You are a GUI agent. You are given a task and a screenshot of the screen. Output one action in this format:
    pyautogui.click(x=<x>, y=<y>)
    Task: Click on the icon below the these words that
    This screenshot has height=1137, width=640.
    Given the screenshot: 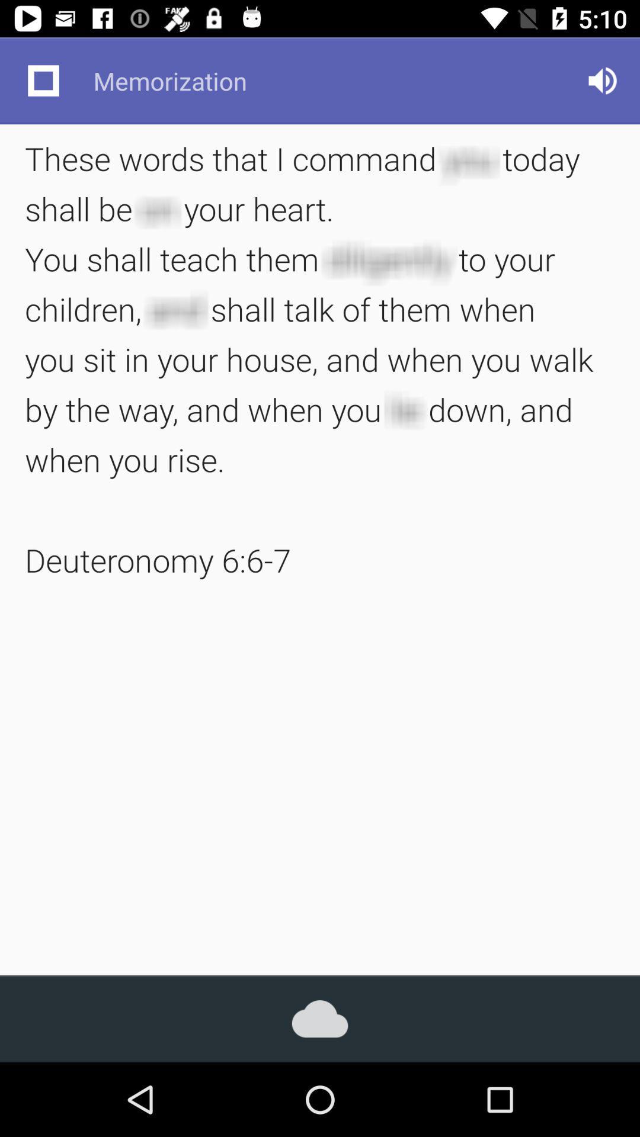 What is the action you would take?
    pyautogui.click(x=320, y=1018)
    